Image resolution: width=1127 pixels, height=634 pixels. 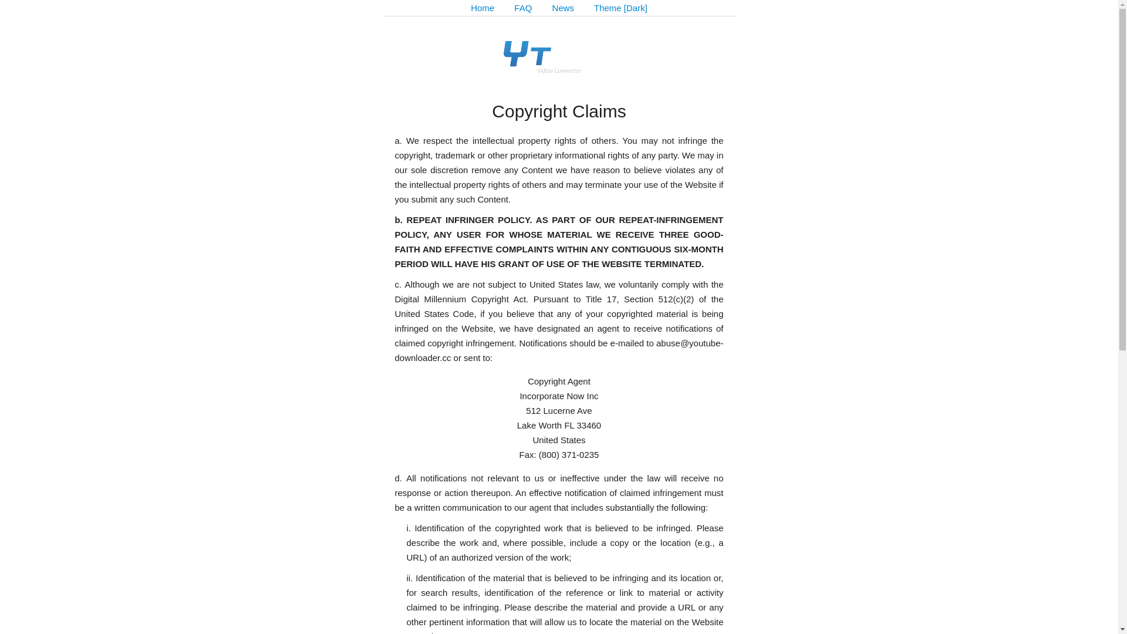 What do you see at coordinates (482, 8) in the screenshot?
I see `'Home'` at bounding box center [482, 8].